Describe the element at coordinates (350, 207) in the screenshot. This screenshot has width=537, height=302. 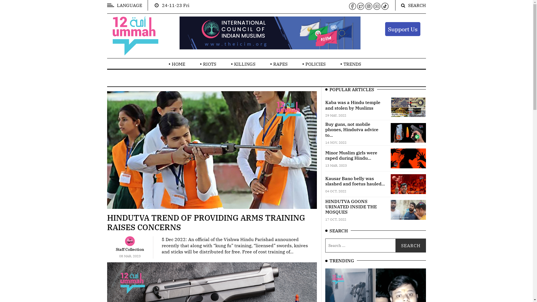
I see `'HINDUTVA GOONS URINATED INSIDE THE MOSQUES'` at that location.